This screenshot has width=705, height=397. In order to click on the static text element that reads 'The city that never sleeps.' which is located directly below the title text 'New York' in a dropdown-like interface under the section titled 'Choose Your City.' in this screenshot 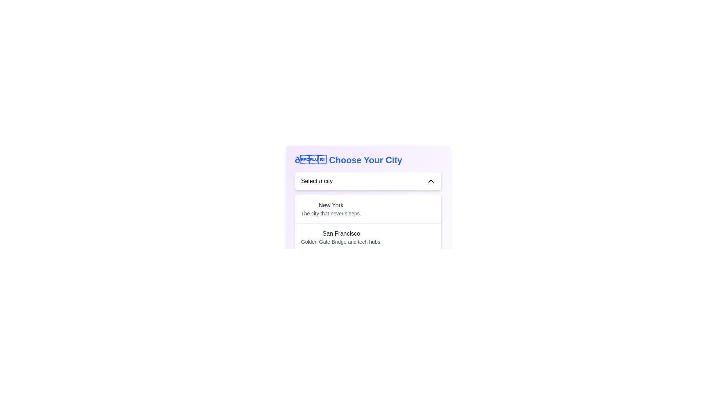, I will do `click(330, 214)`.